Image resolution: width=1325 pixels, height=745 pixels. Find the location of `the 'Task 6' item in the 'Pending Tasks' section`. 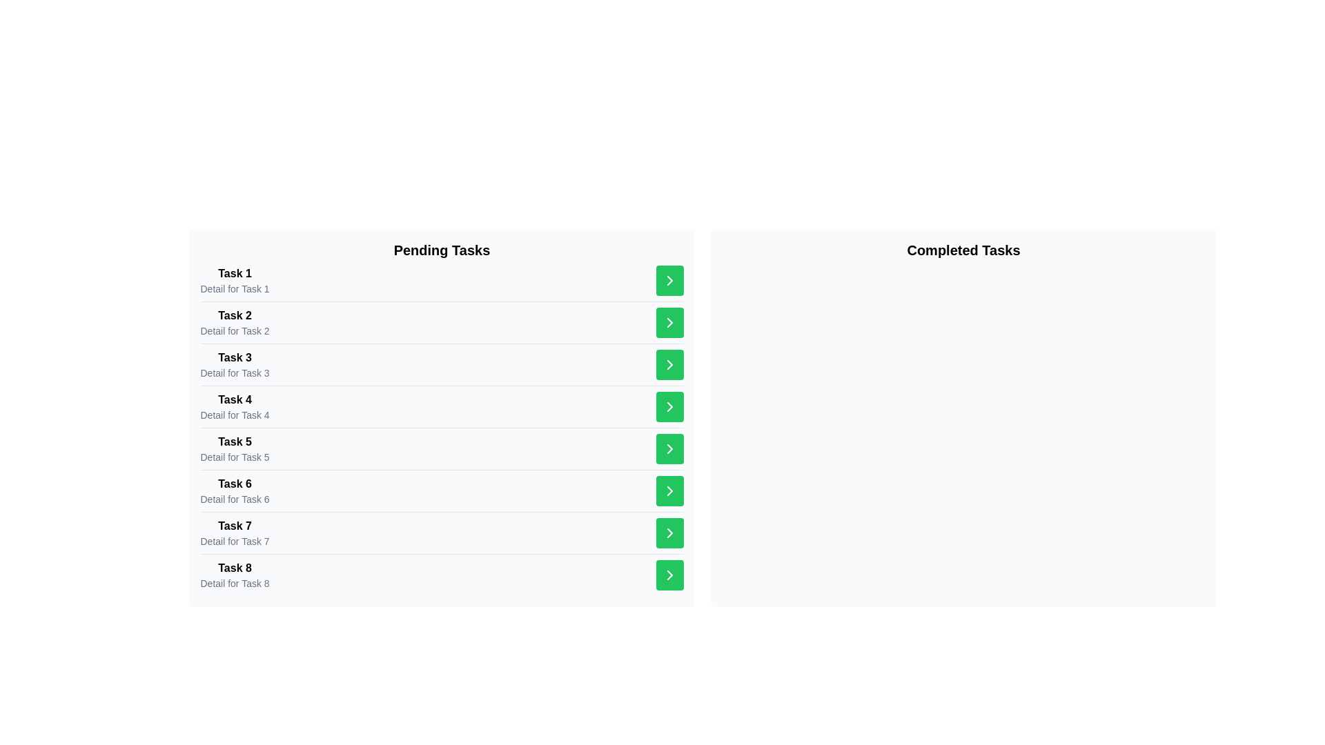

the 'Task 6' item in the 'Pending Tasks' section is located at coordinates (442, 490).